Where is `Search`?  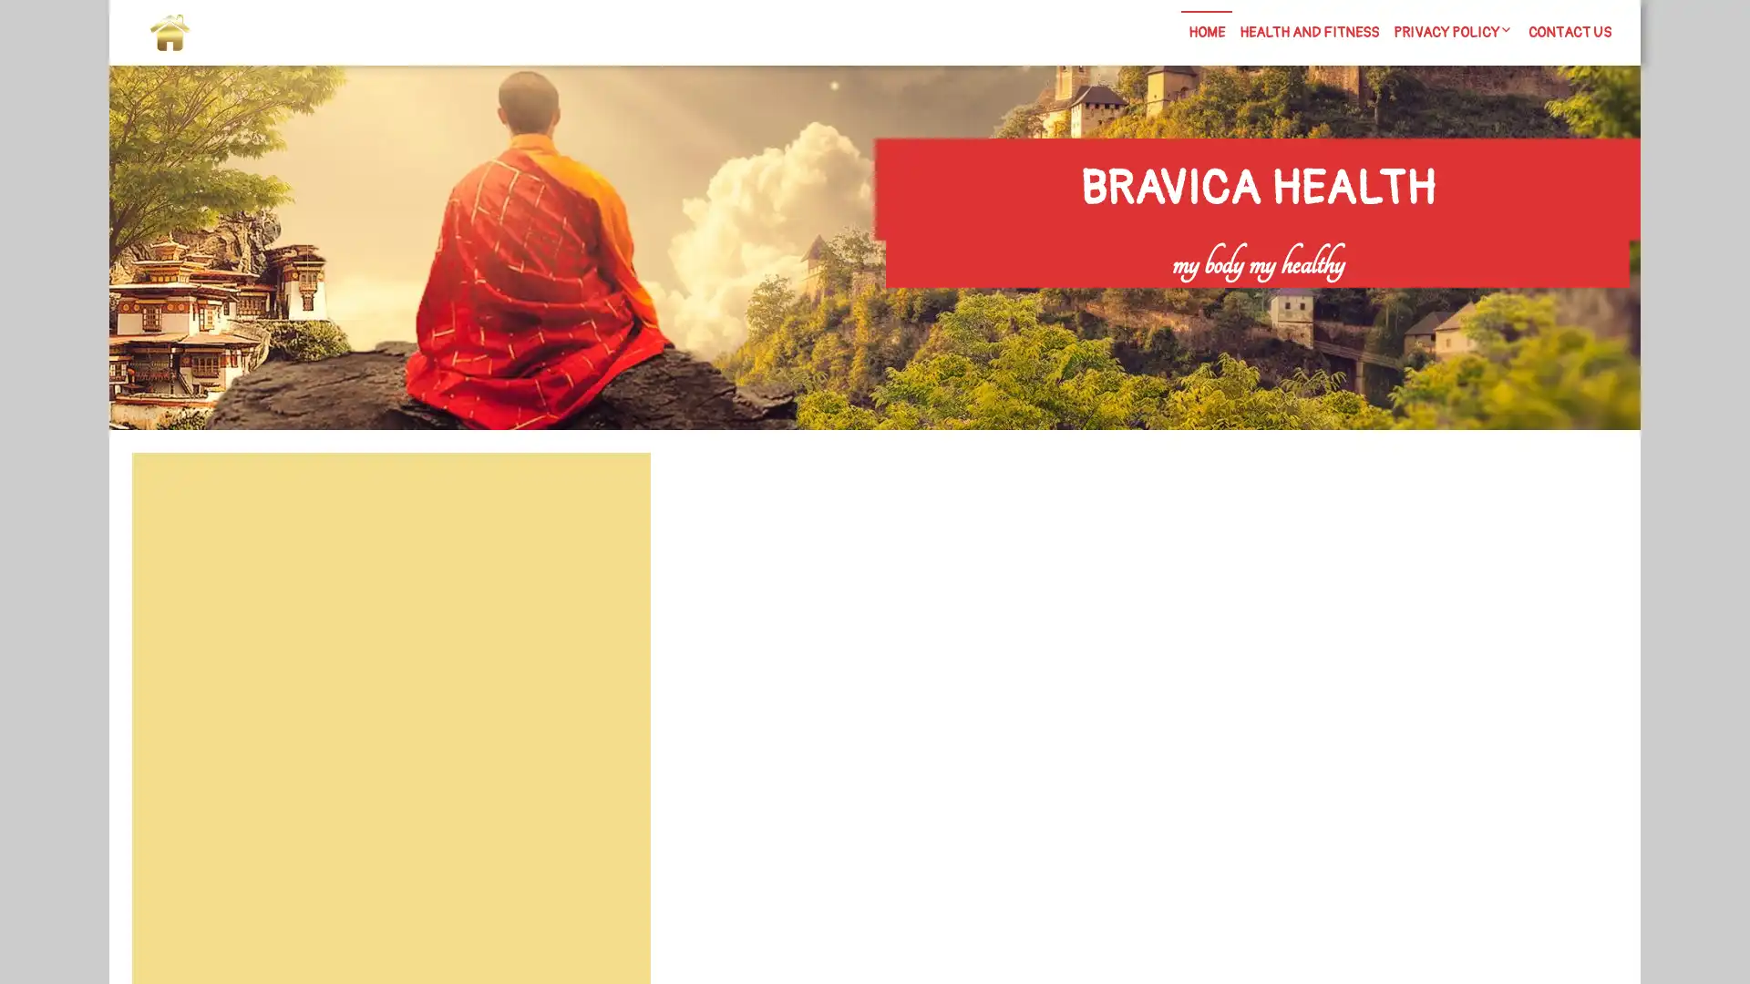 Search is located at coordinates (608, 497).